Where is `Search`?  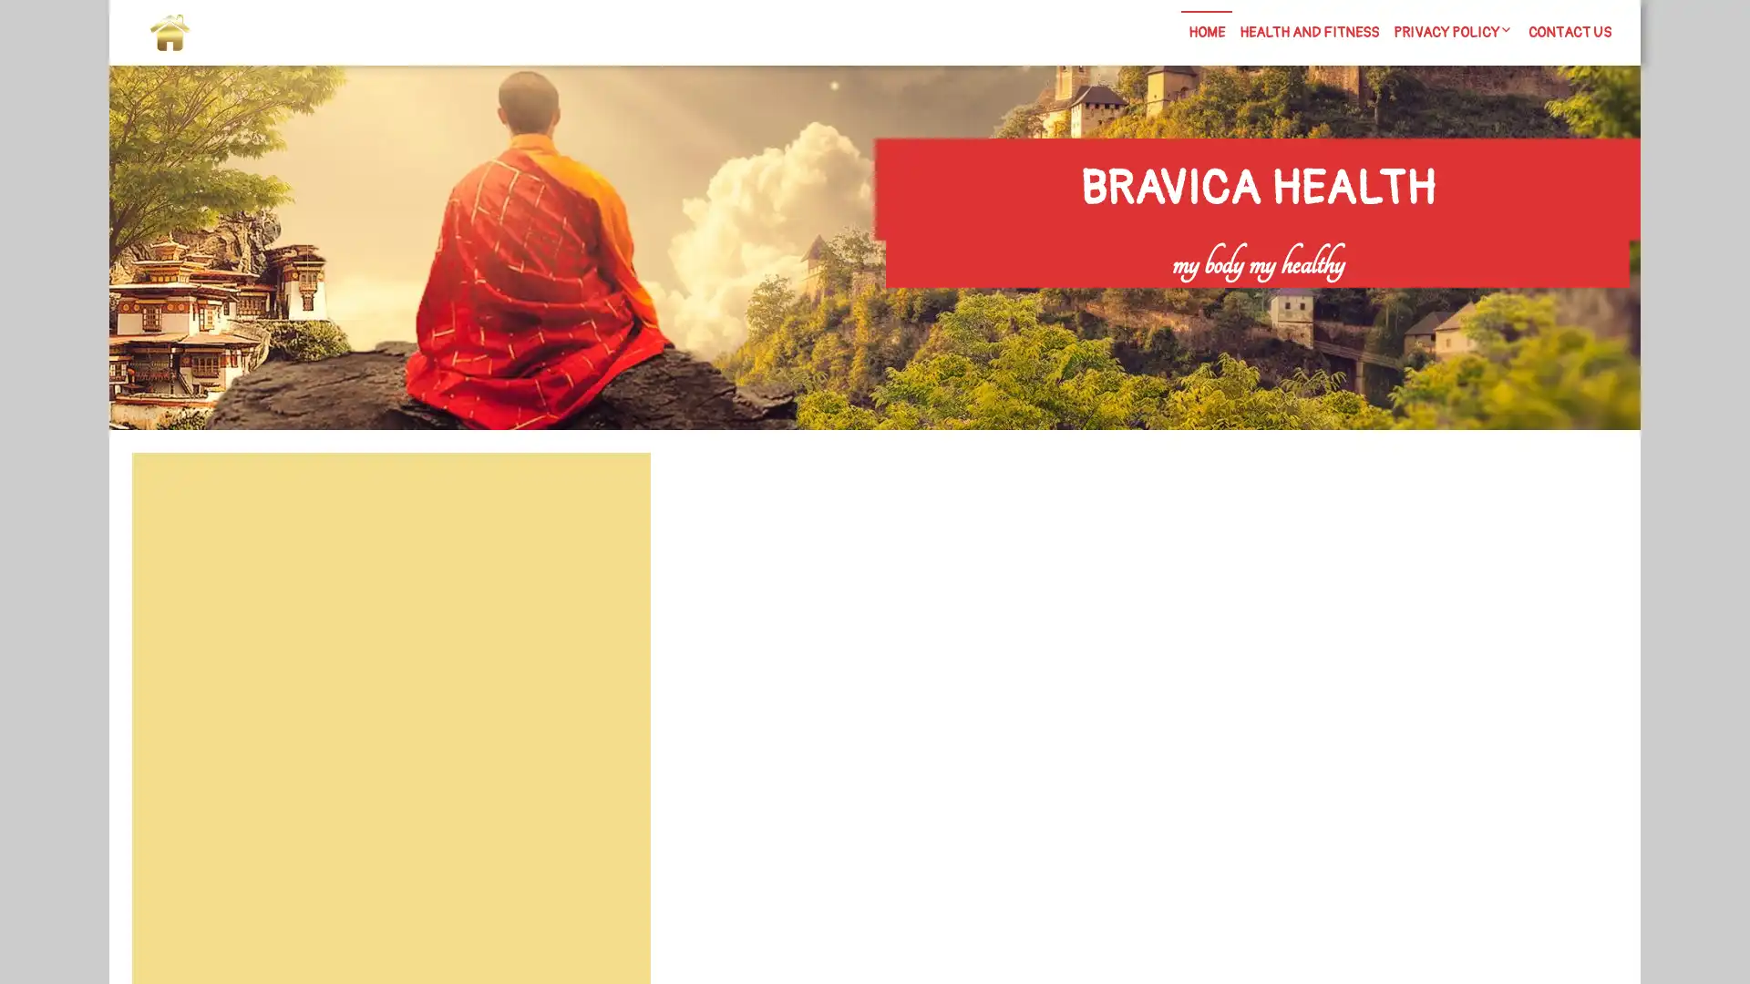 Search is located at coordinates (608, 497).